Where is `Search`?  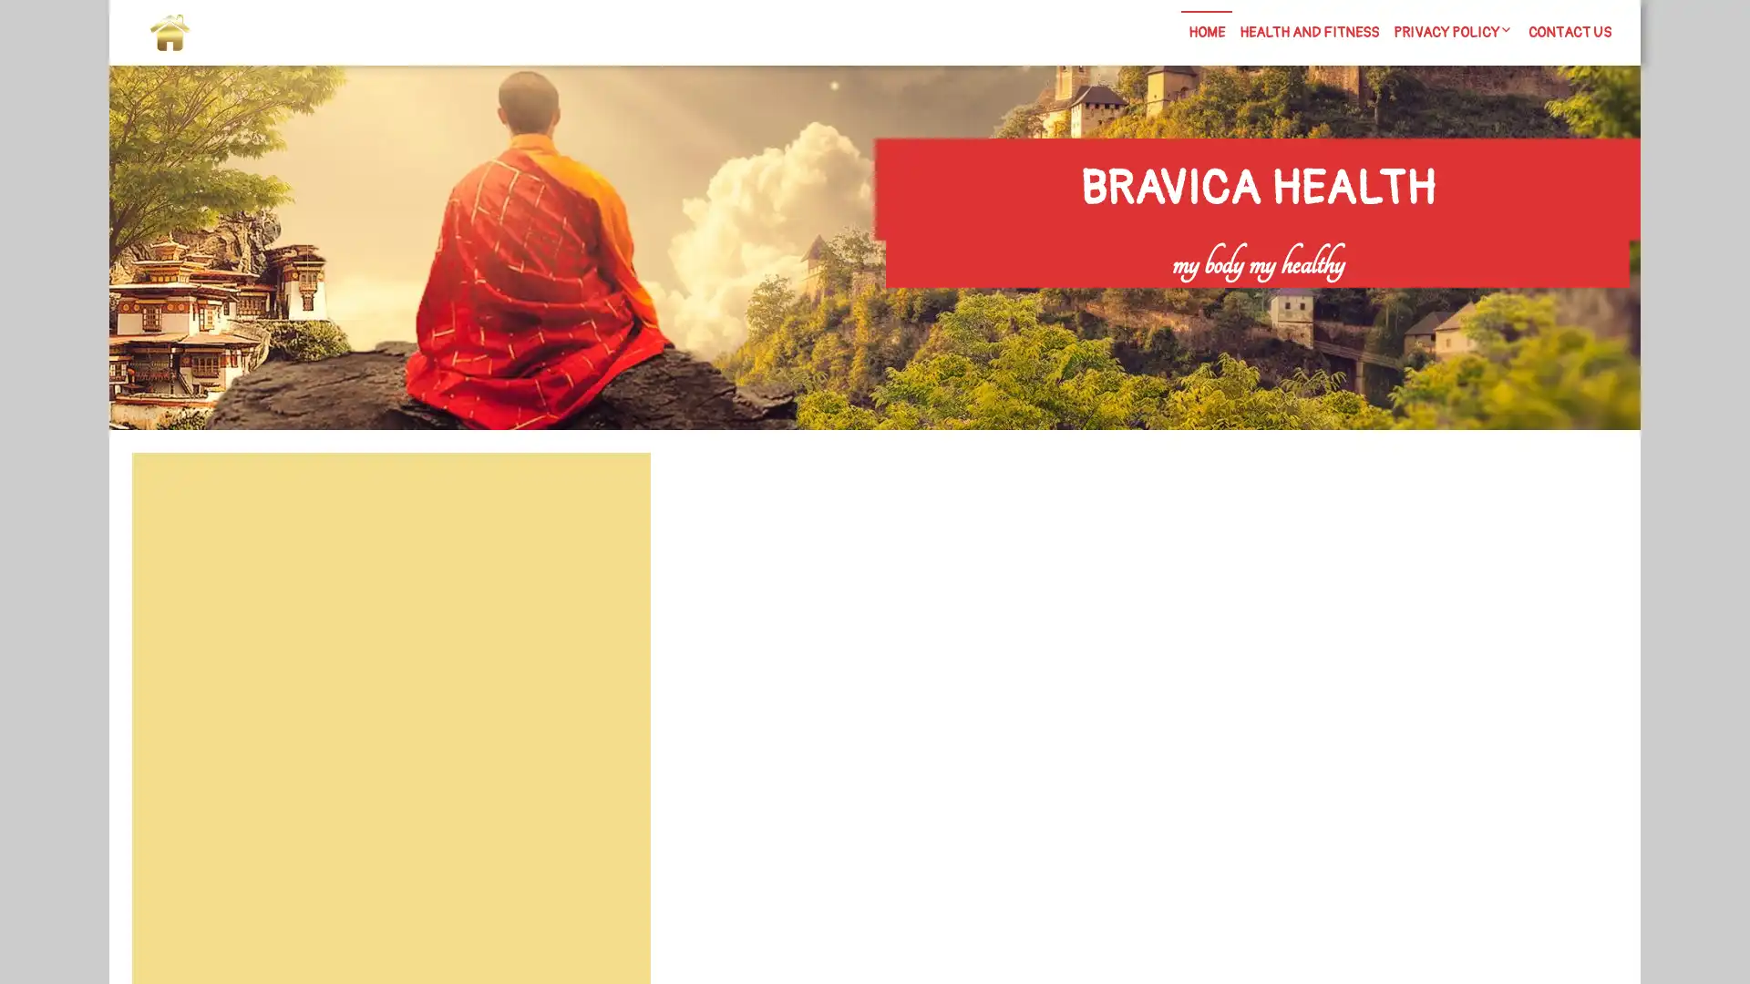 Search is located at coordinates (608, 497).